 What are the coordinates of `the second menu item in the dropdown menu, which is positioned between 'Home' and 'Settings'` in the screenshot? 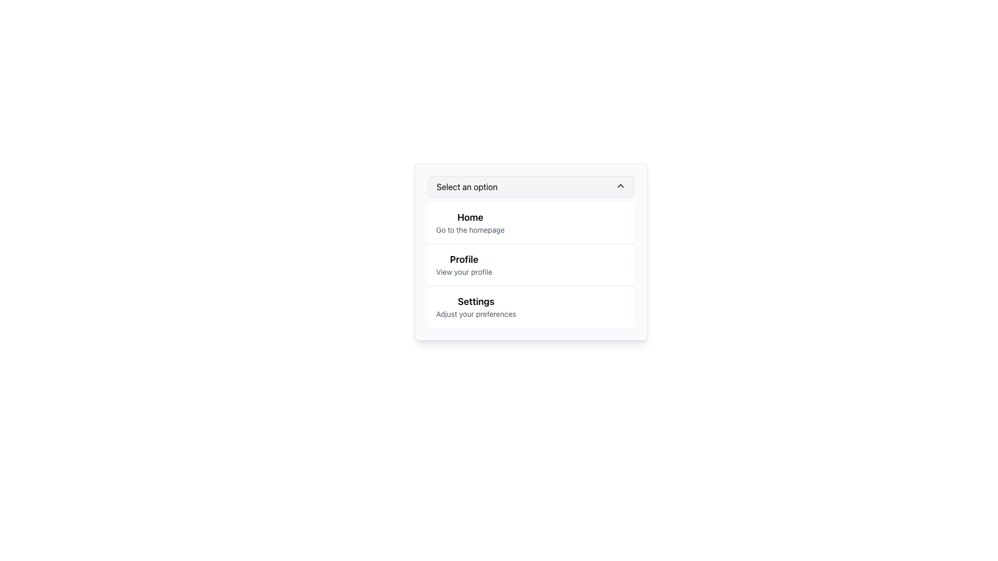 It's located at (531, 264).